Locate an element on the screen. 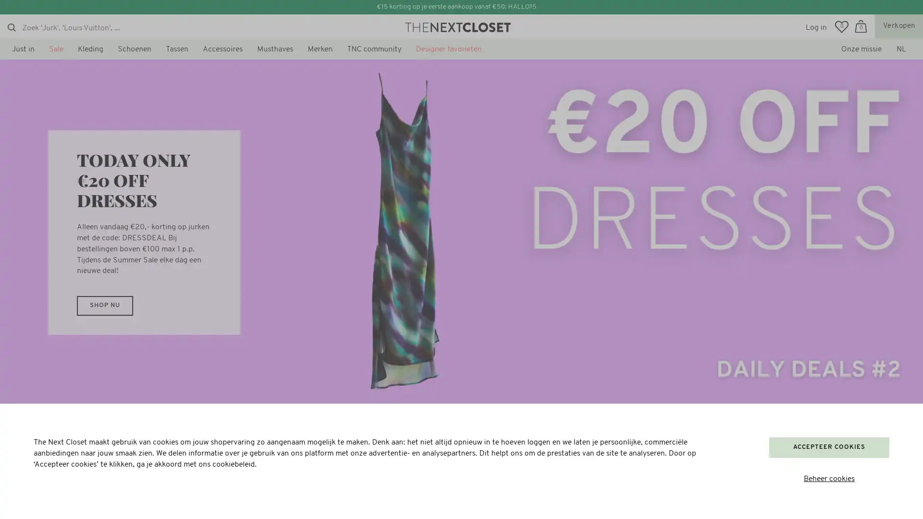  Chat is located at coordinates (32, 499).